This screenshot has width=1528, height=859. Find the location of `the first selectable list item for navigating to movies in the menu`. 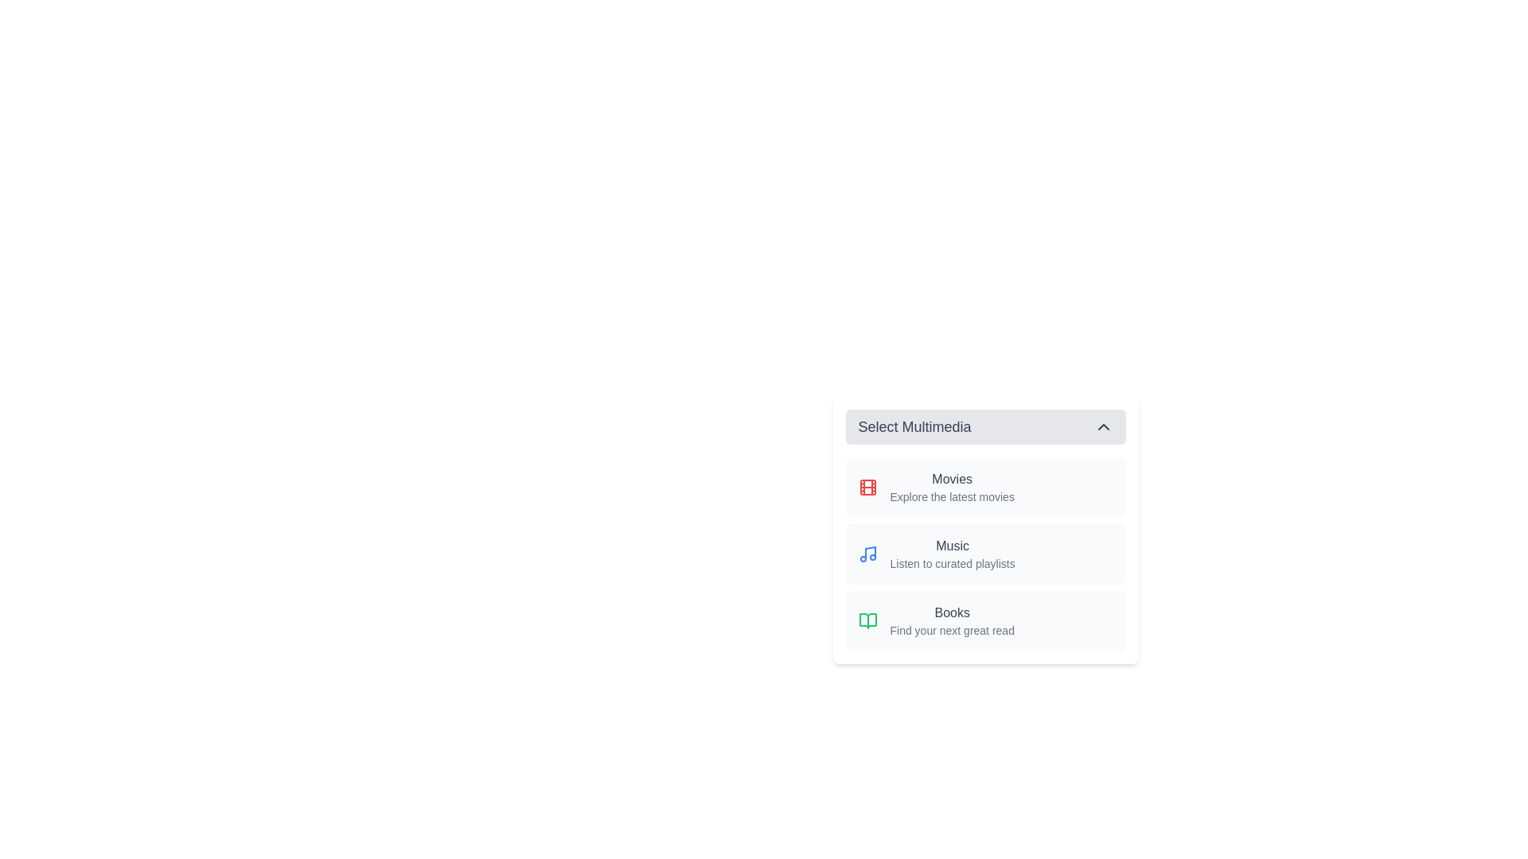

the first selectable list item for navigating to movies in the menu is located at coordinates (984, 487).